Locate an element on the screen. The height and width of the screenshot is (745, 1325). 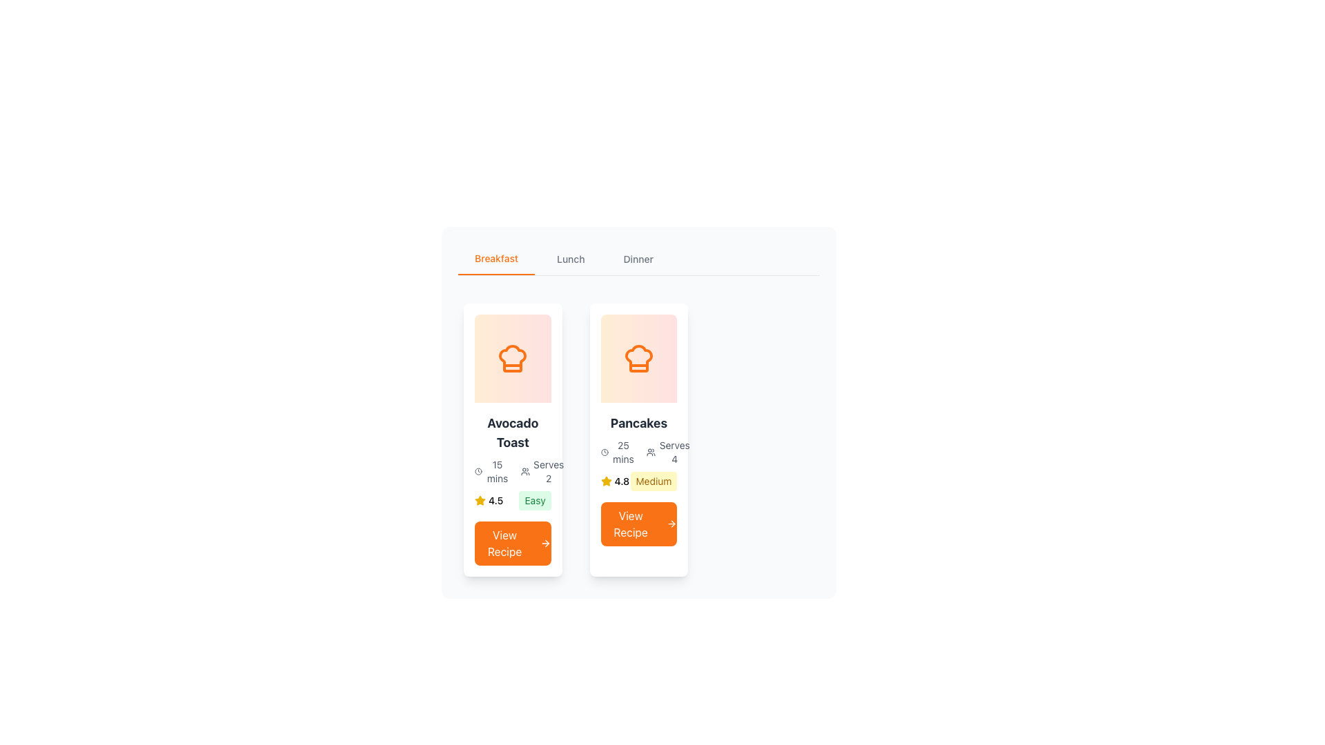
the Label with Icon that displays the preparation or cooking time for the recipe 'Avocado Toast' to get additional context is located at coordinates (492, 470).